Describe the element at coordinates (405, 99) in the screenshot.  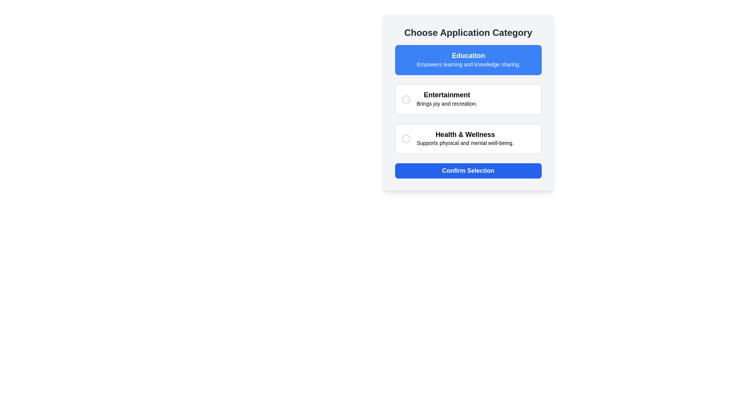
I see `the SVG ellipse or circle icon associated with the 'Entertainment' category, located in the second item of the vertical list of options` at that location.